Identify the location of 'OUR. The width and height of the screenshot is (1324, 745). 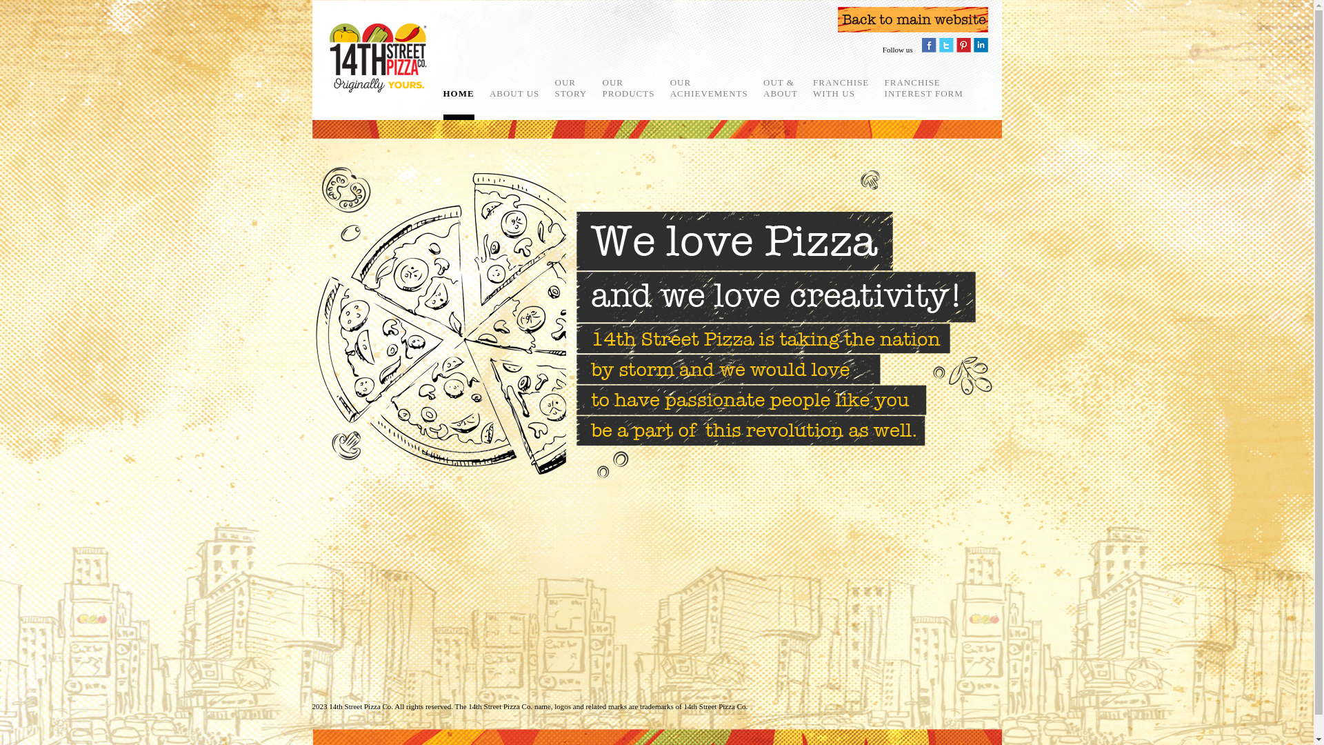
(571, 88).